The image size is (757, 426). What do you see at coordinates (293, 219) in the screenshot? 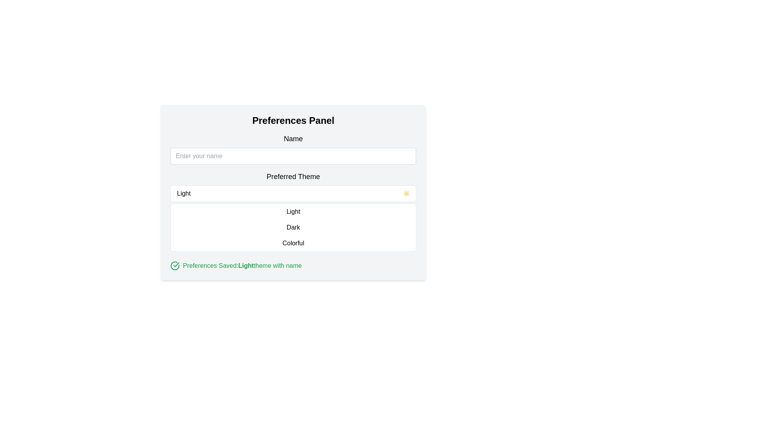
I see `the options in the dropdown menu labeled 'Preferred Theme'` at bounding box center [293, 219].